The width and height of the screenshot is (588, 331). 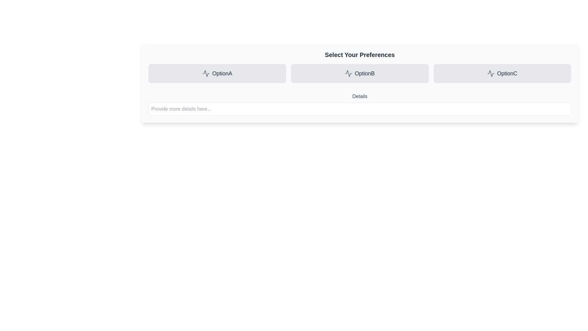 What do you see at coordinates (360, 54) in the screenshot?
I see `text from the Text Label that serves as a section header above the grid of options 'OptionA', 'OptionB', and 'OptionC'` at bounding box center [360, 54].